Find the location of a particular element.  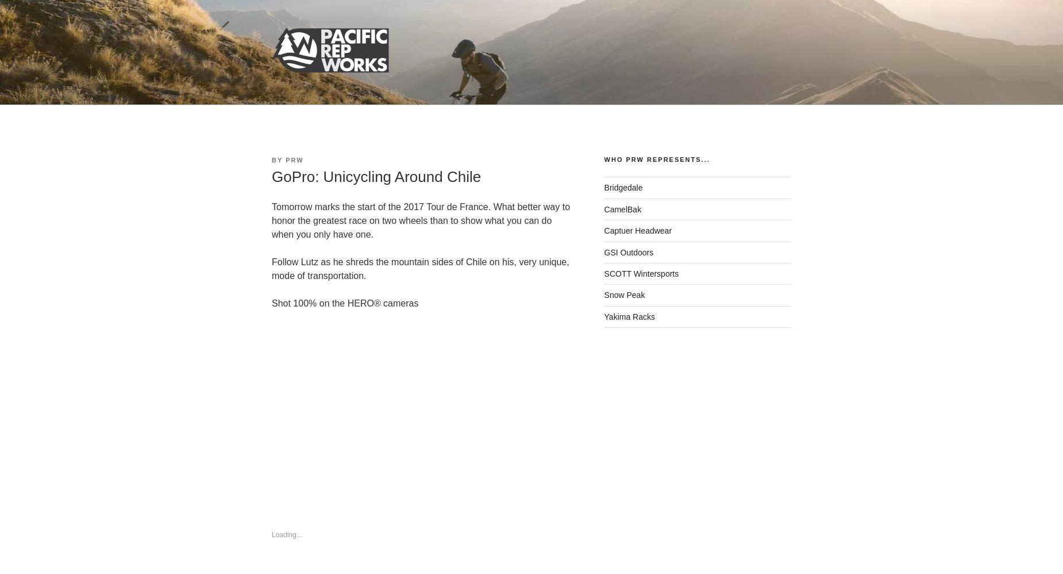

'Tomorrow marks the start of the 2017 Tour de France. What better way to honor the greatest race on two wheels than to show what you can do when you only have one.' is located at coordinates (421, 220).